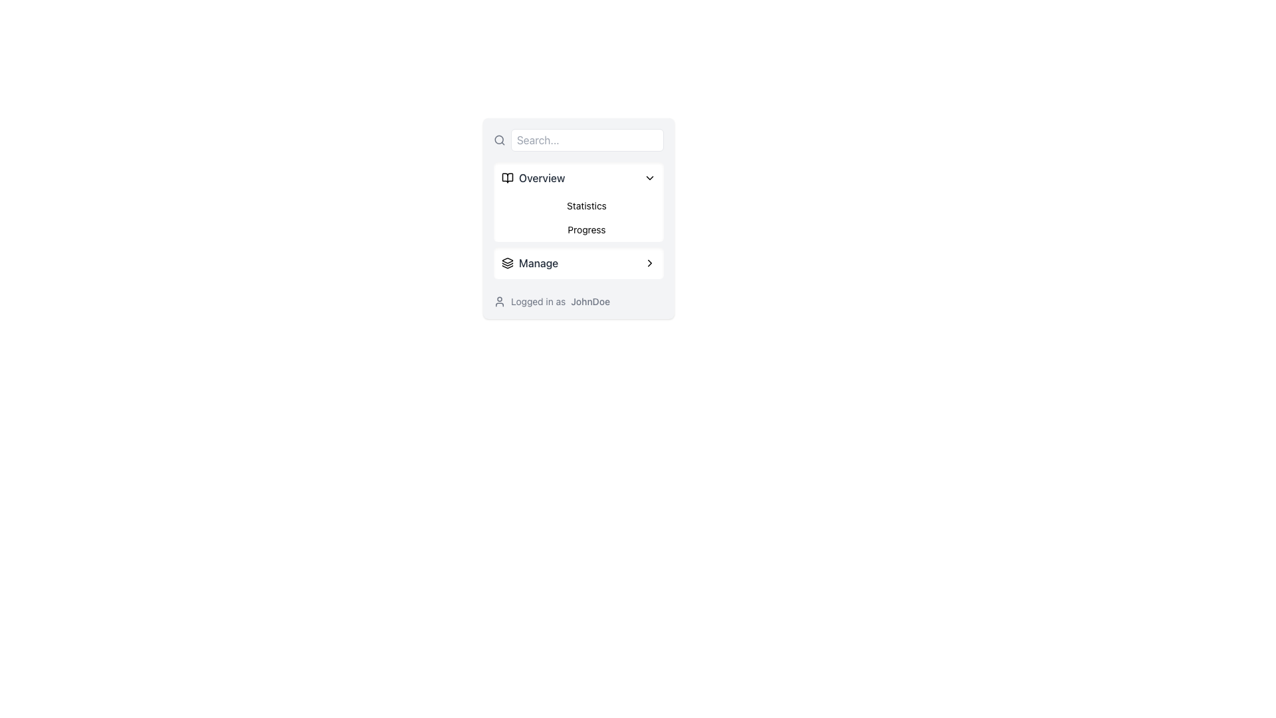 This screenshot has height=718, width=1276. I want to click on the book icon located to the left of the 'Overview' text in the interface, which symbolizes the Overview section, so click(506, 177).